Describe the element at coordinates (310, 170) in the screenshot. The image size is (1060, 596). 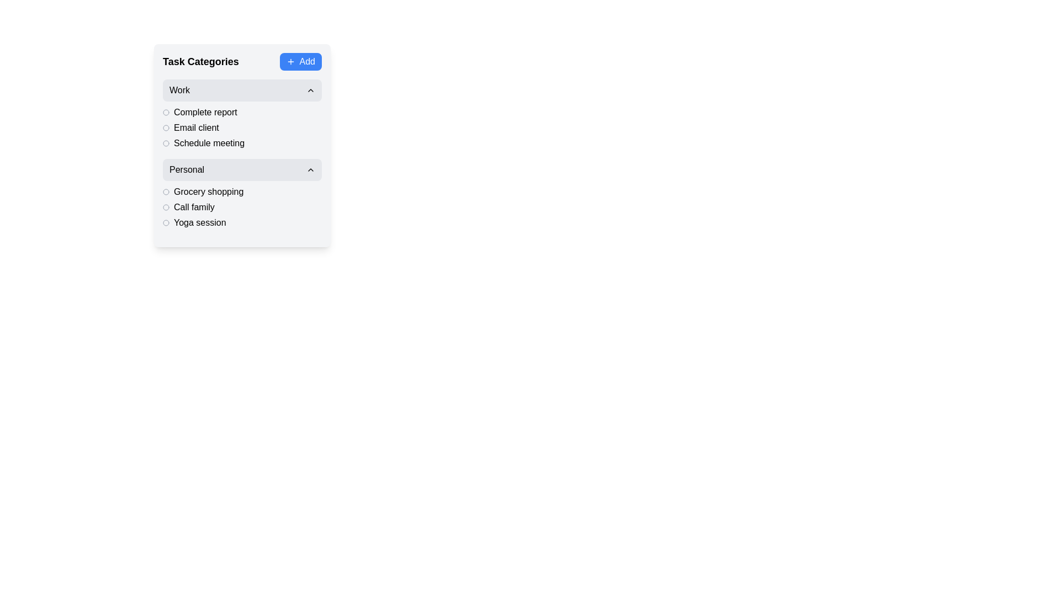
I see `the upward-pointing chevron icon located at the right end of the 'Personal' category bar` at that location.